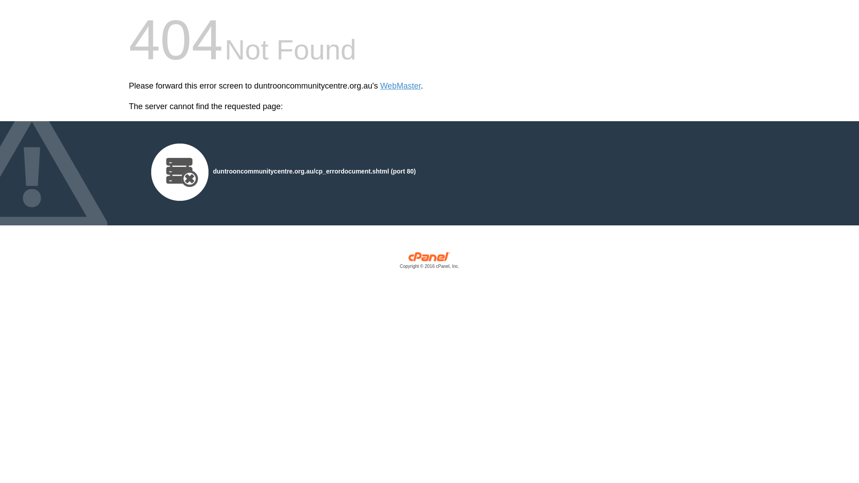 The width and height of the screenshot is (859, 483). Describe the element at coordinates (400, 86) in the screenshot. I see `'WebMaster'` at that location.